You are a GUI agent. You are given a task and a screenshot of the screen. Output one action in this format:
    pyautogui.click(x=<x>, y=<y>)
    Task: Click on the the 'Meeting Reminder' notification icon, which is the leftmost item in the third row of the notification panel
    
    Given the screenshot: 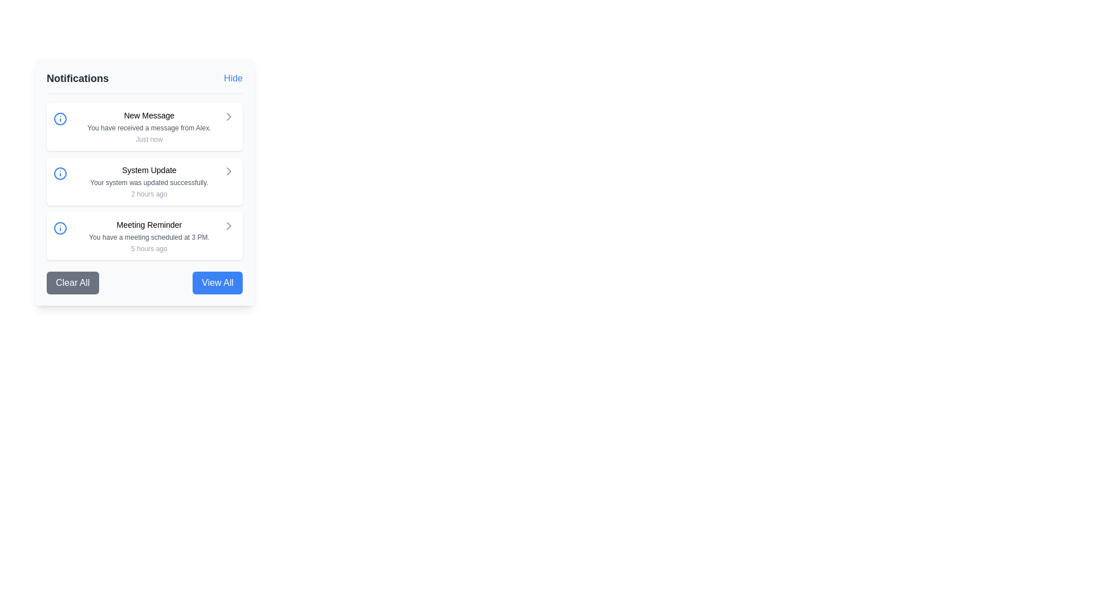 What is the action you would take?
    pyautogui.click(x=59, y=228)
    